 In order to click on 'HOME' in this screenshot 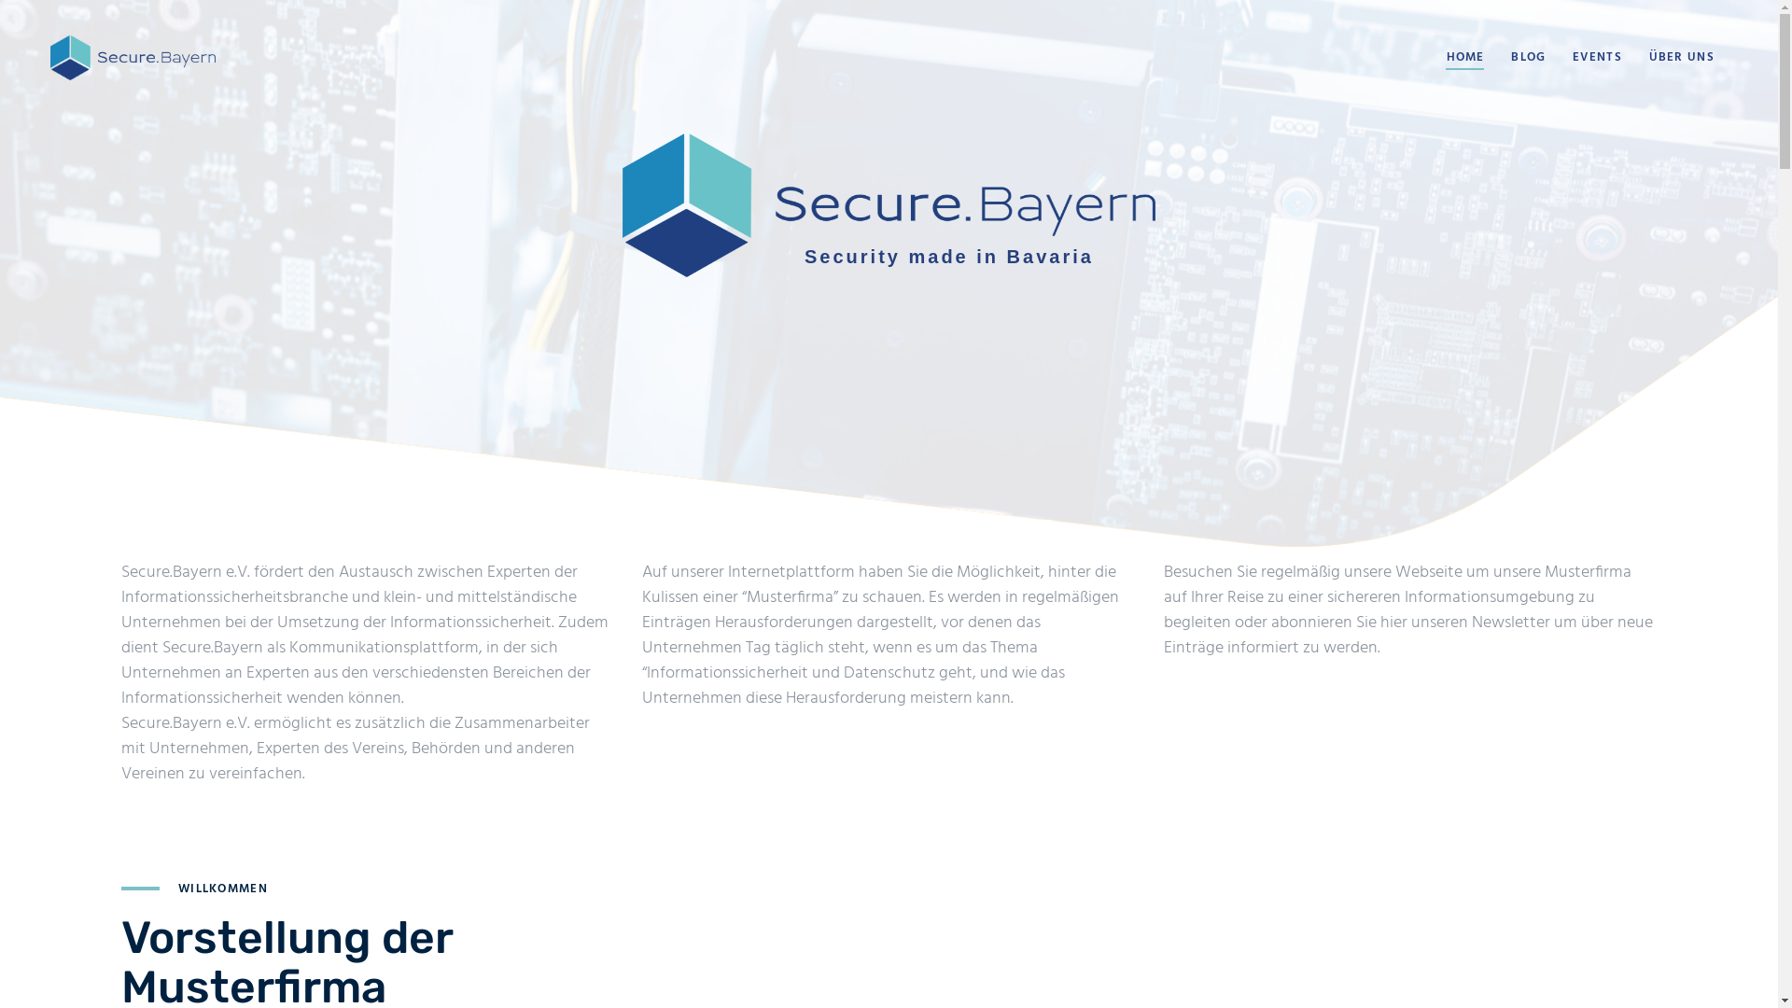, I will do `click(1463, 56)`.